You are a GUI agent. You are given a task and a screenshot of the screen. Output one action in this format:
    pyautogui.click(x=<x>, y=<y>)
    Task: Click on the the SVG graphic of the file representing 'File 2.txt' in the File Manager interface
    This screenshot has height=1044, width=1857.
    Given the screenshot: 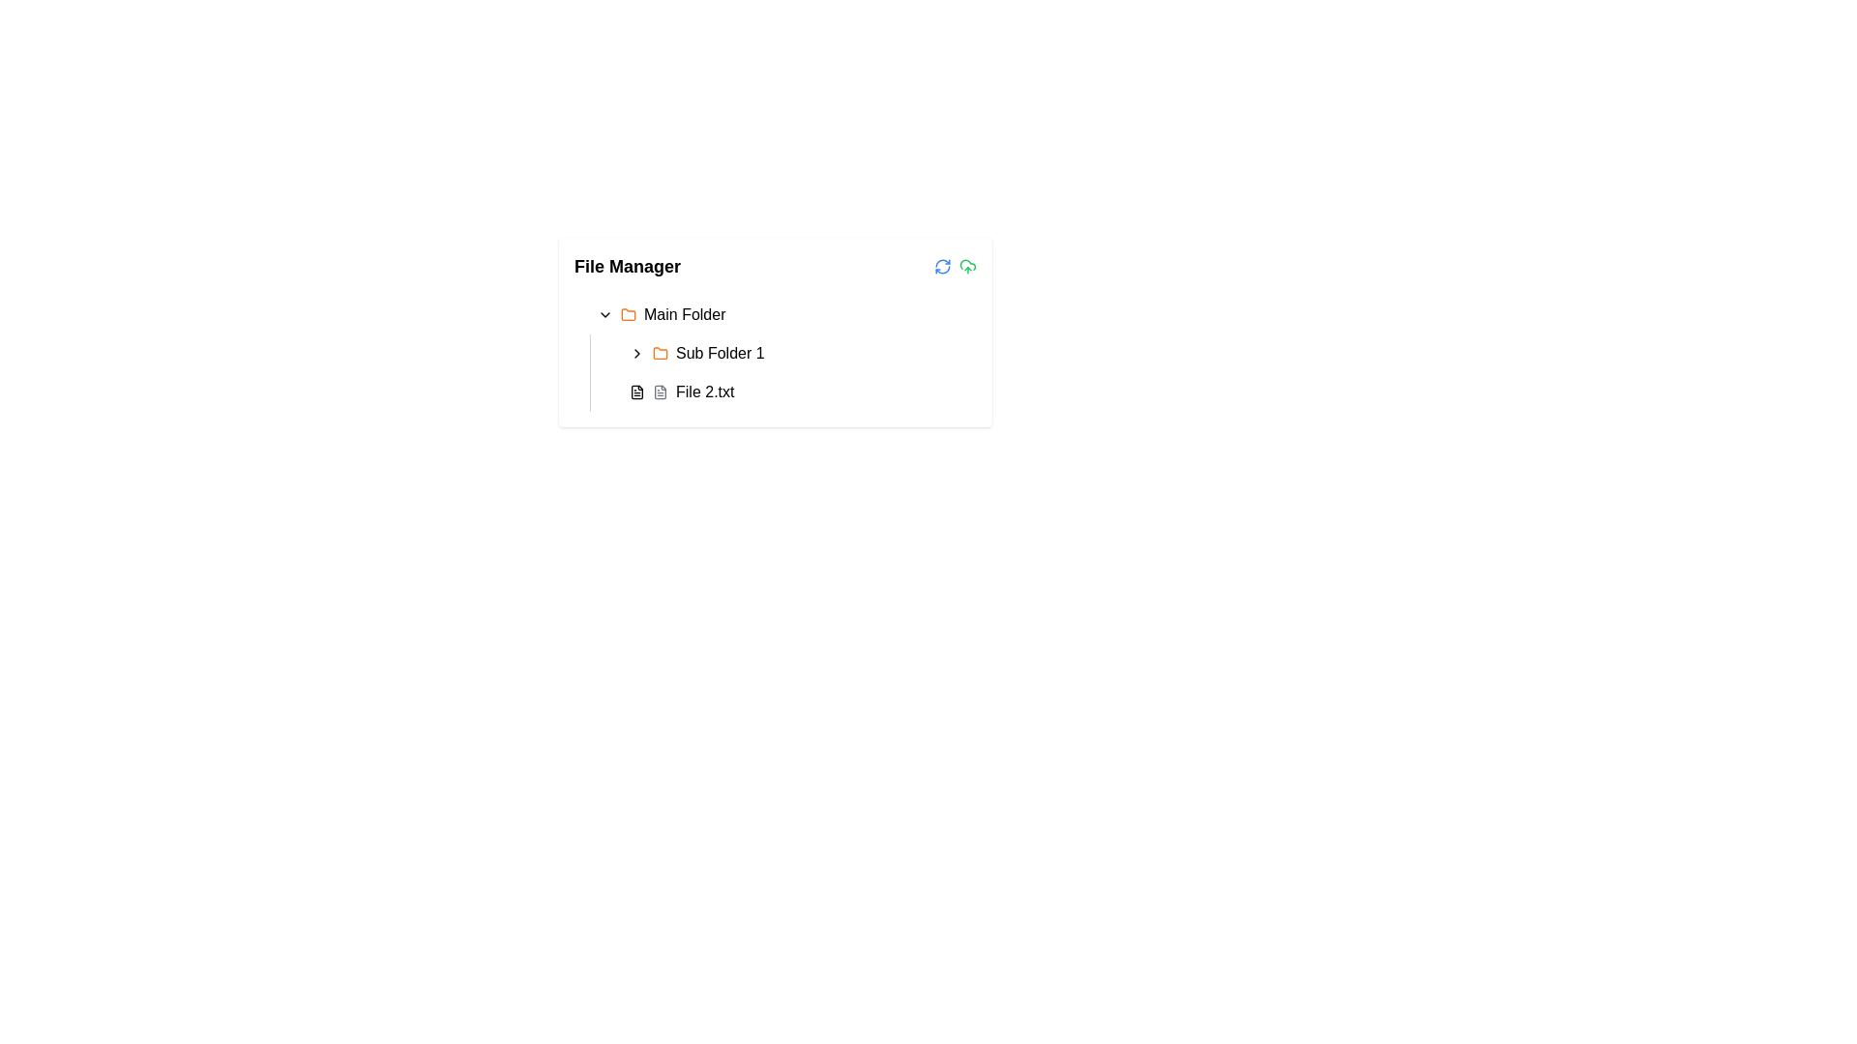 What is the action you would take?
    pyautogui.click(x=636, y=391)
    